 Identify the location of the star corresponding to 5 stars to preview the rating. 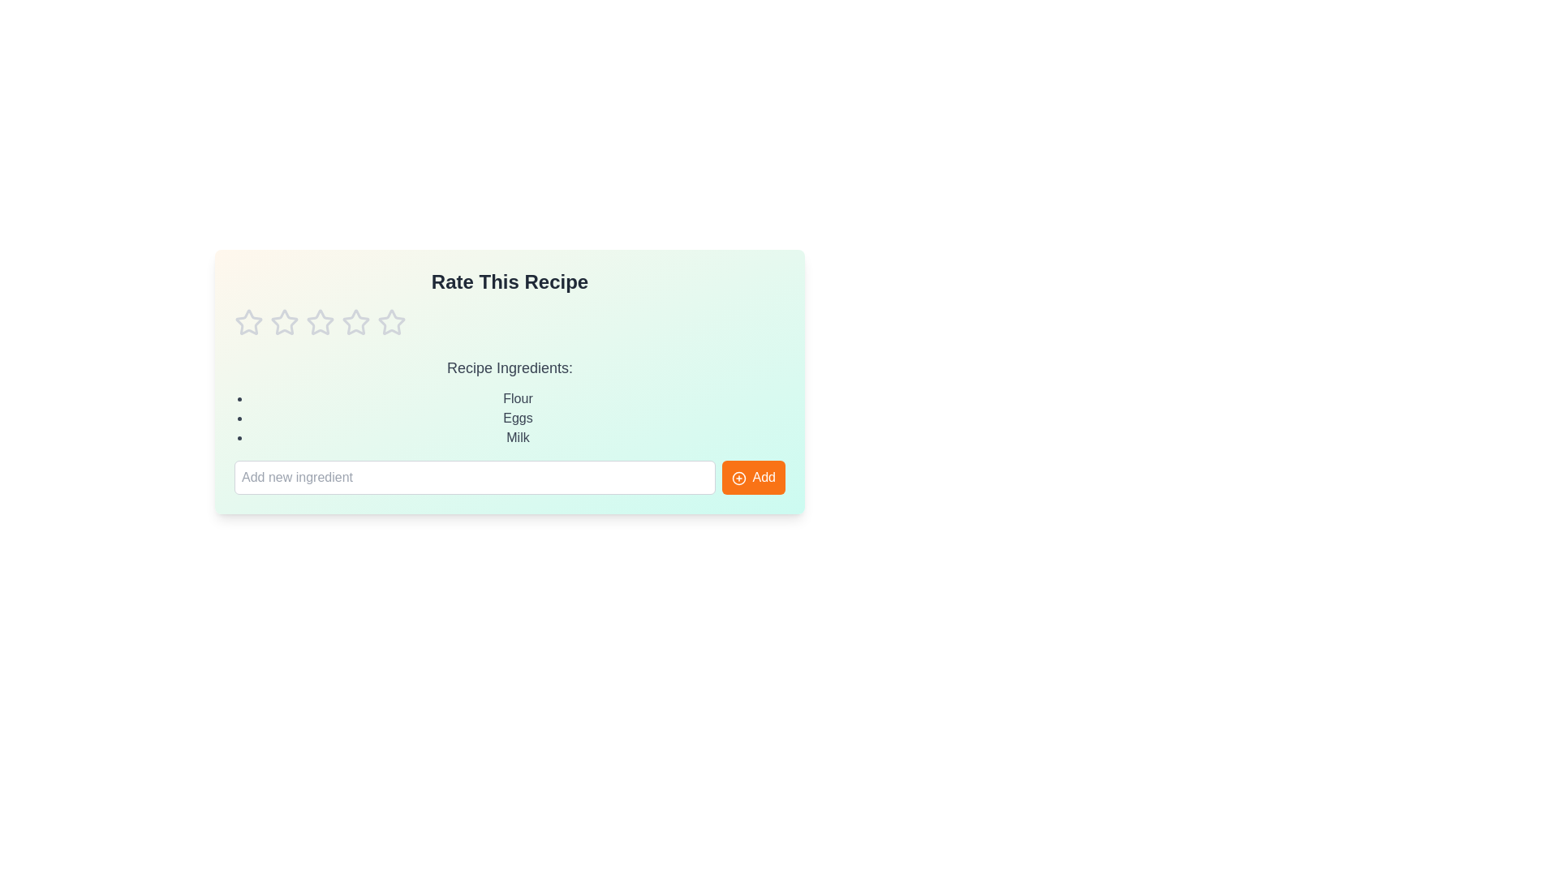
(392, 322).